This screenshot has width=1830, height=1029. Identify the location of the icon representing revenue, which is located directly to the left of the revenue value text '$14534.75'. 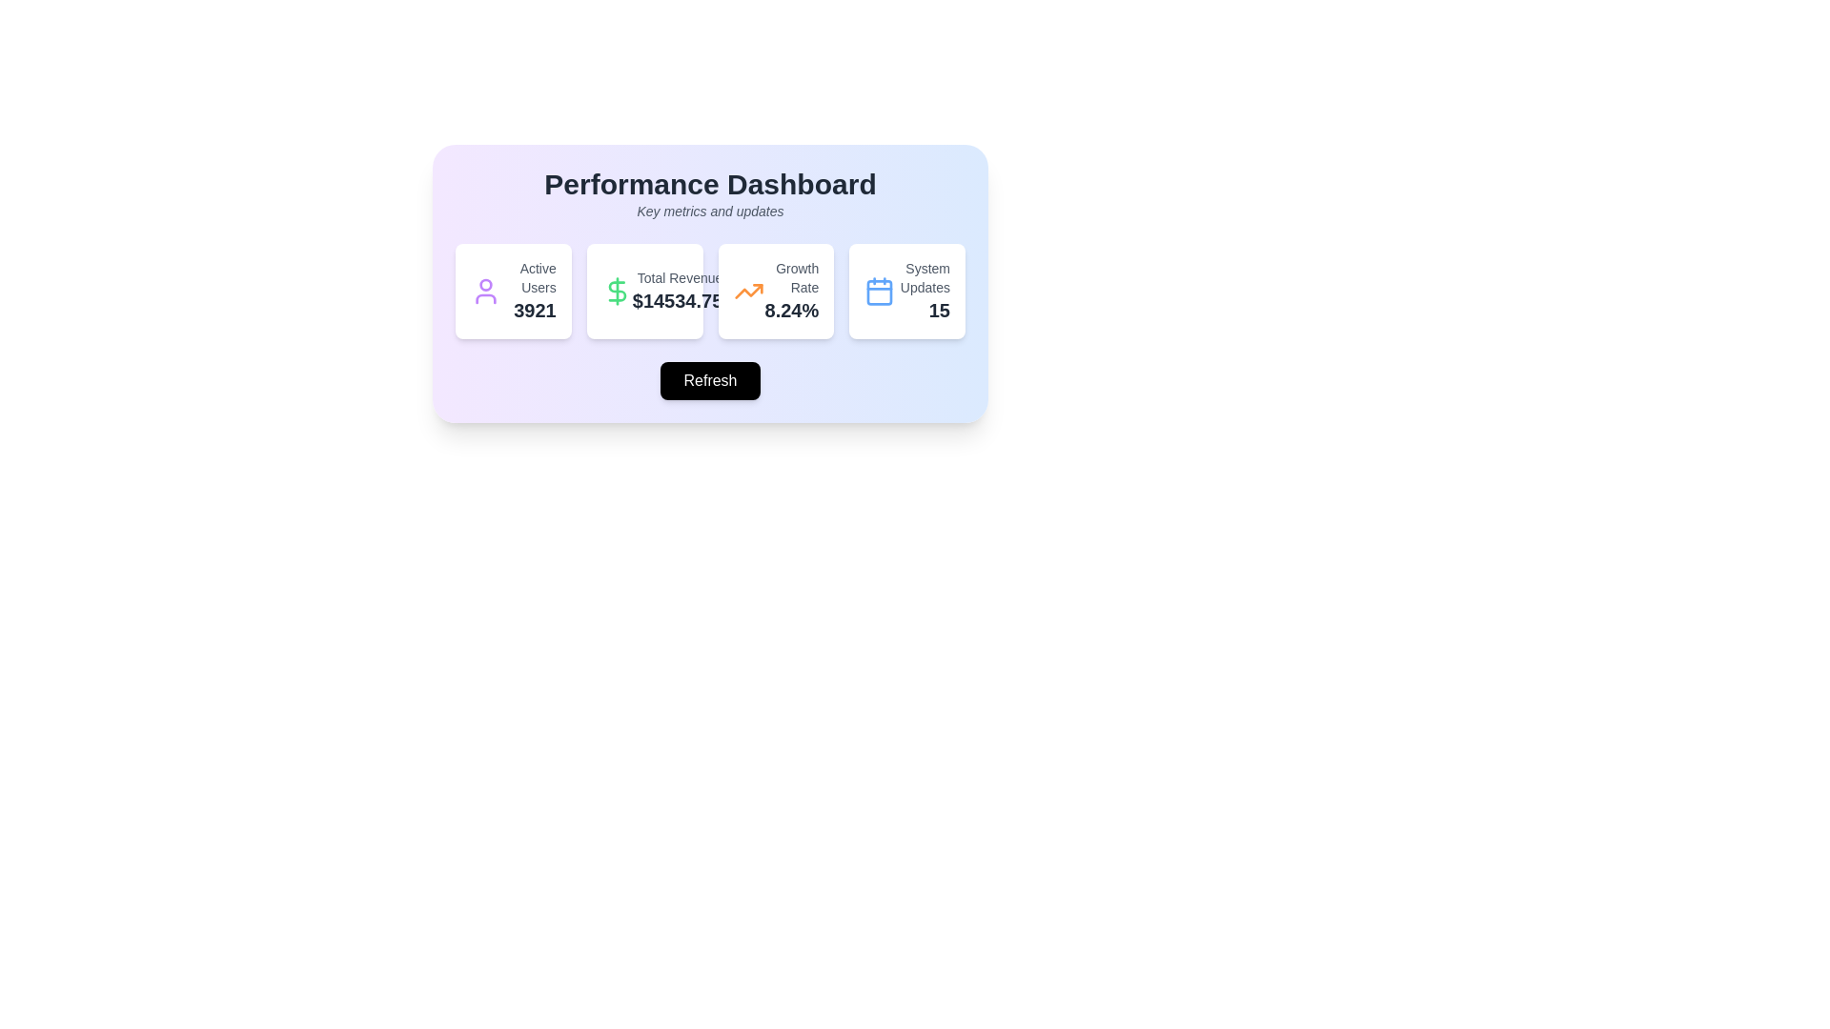
(617, 291).